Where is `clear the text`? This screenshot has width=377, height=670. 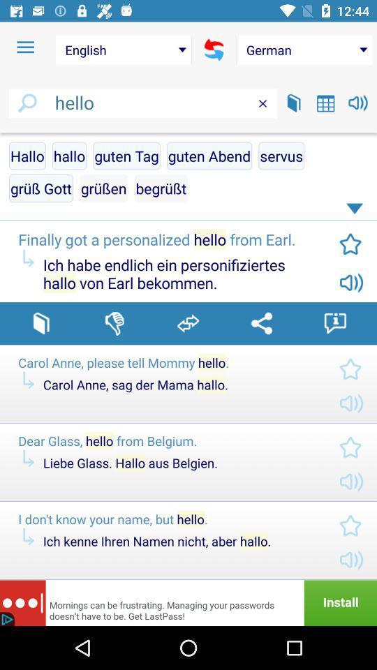 clear the text is located at coordinates (263, 103).